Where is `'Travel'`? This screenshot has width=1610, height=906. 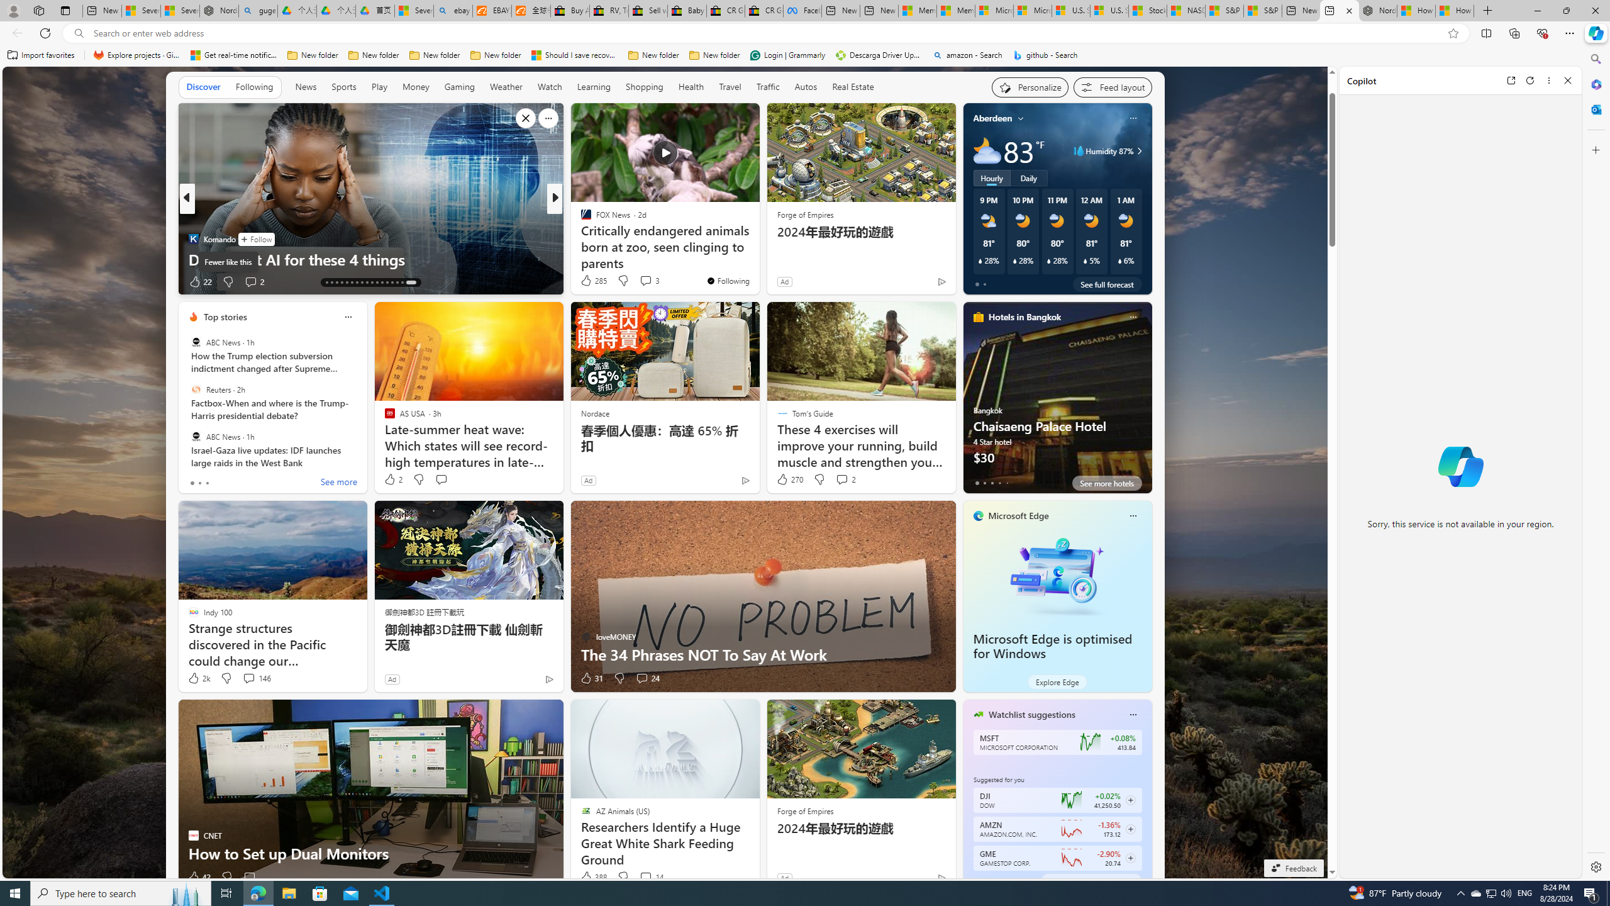
'Travel' is located at coordinates (729, 86).